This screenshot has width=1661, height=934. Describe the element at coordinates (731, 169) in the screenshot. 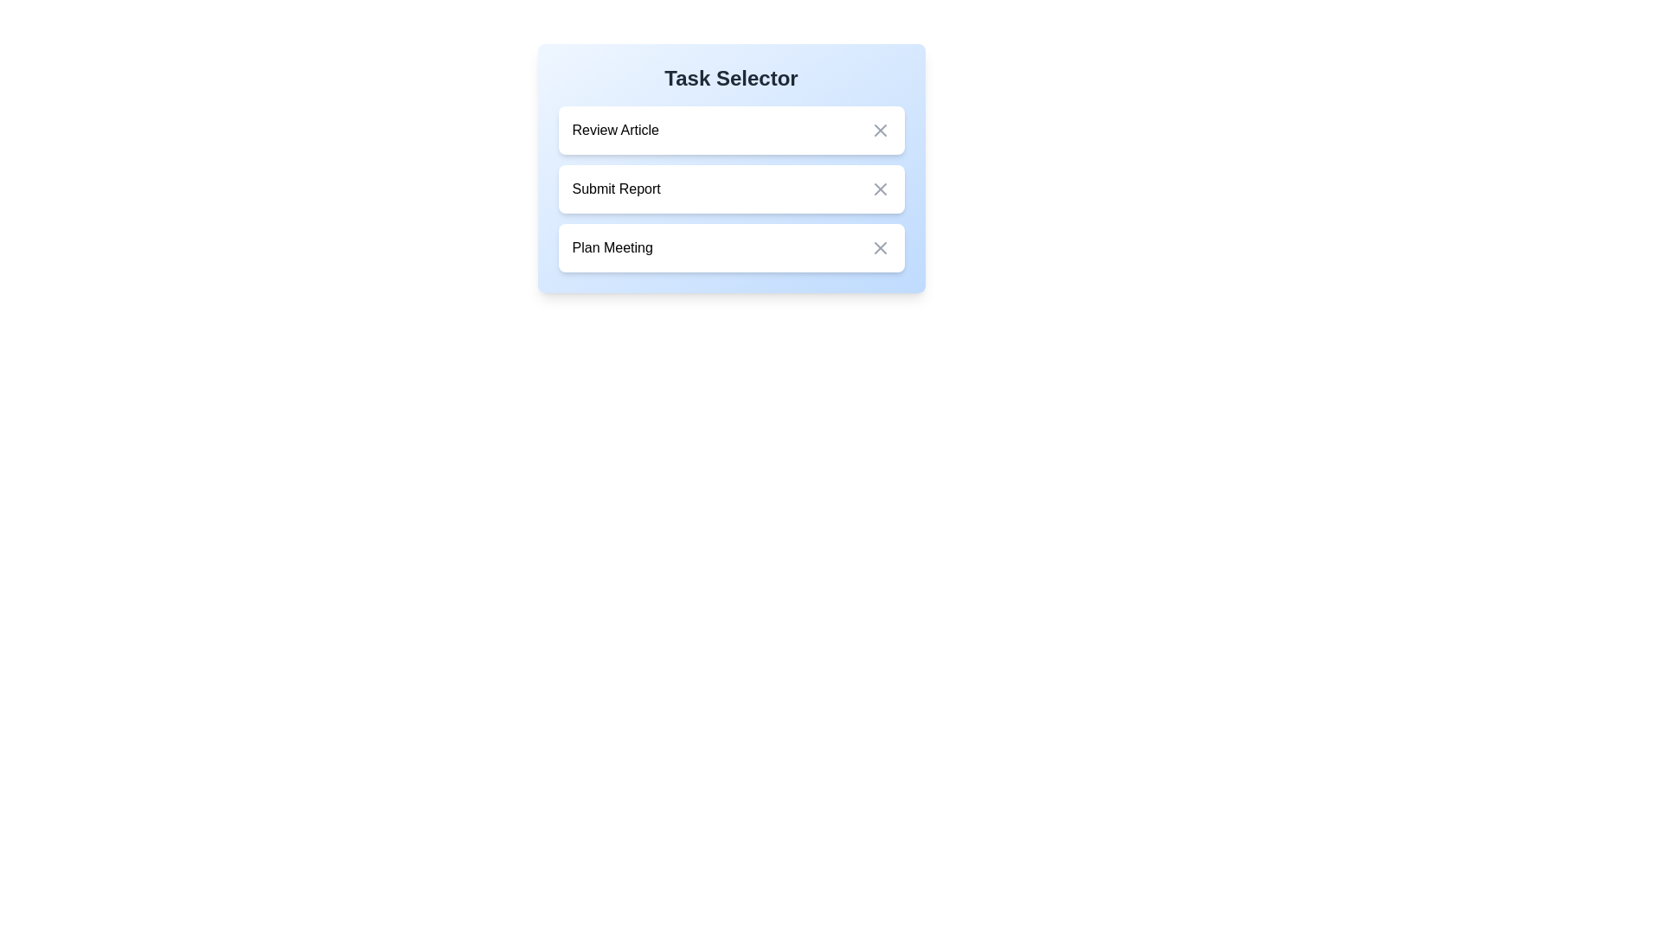

I see `the 'Submit Report' task card in the 'Task Selector' section` at that location.